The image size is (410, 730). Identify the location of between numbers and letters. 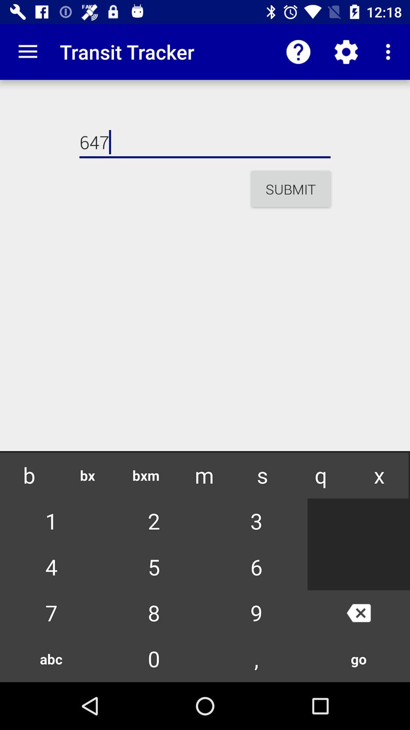
(205, 649).